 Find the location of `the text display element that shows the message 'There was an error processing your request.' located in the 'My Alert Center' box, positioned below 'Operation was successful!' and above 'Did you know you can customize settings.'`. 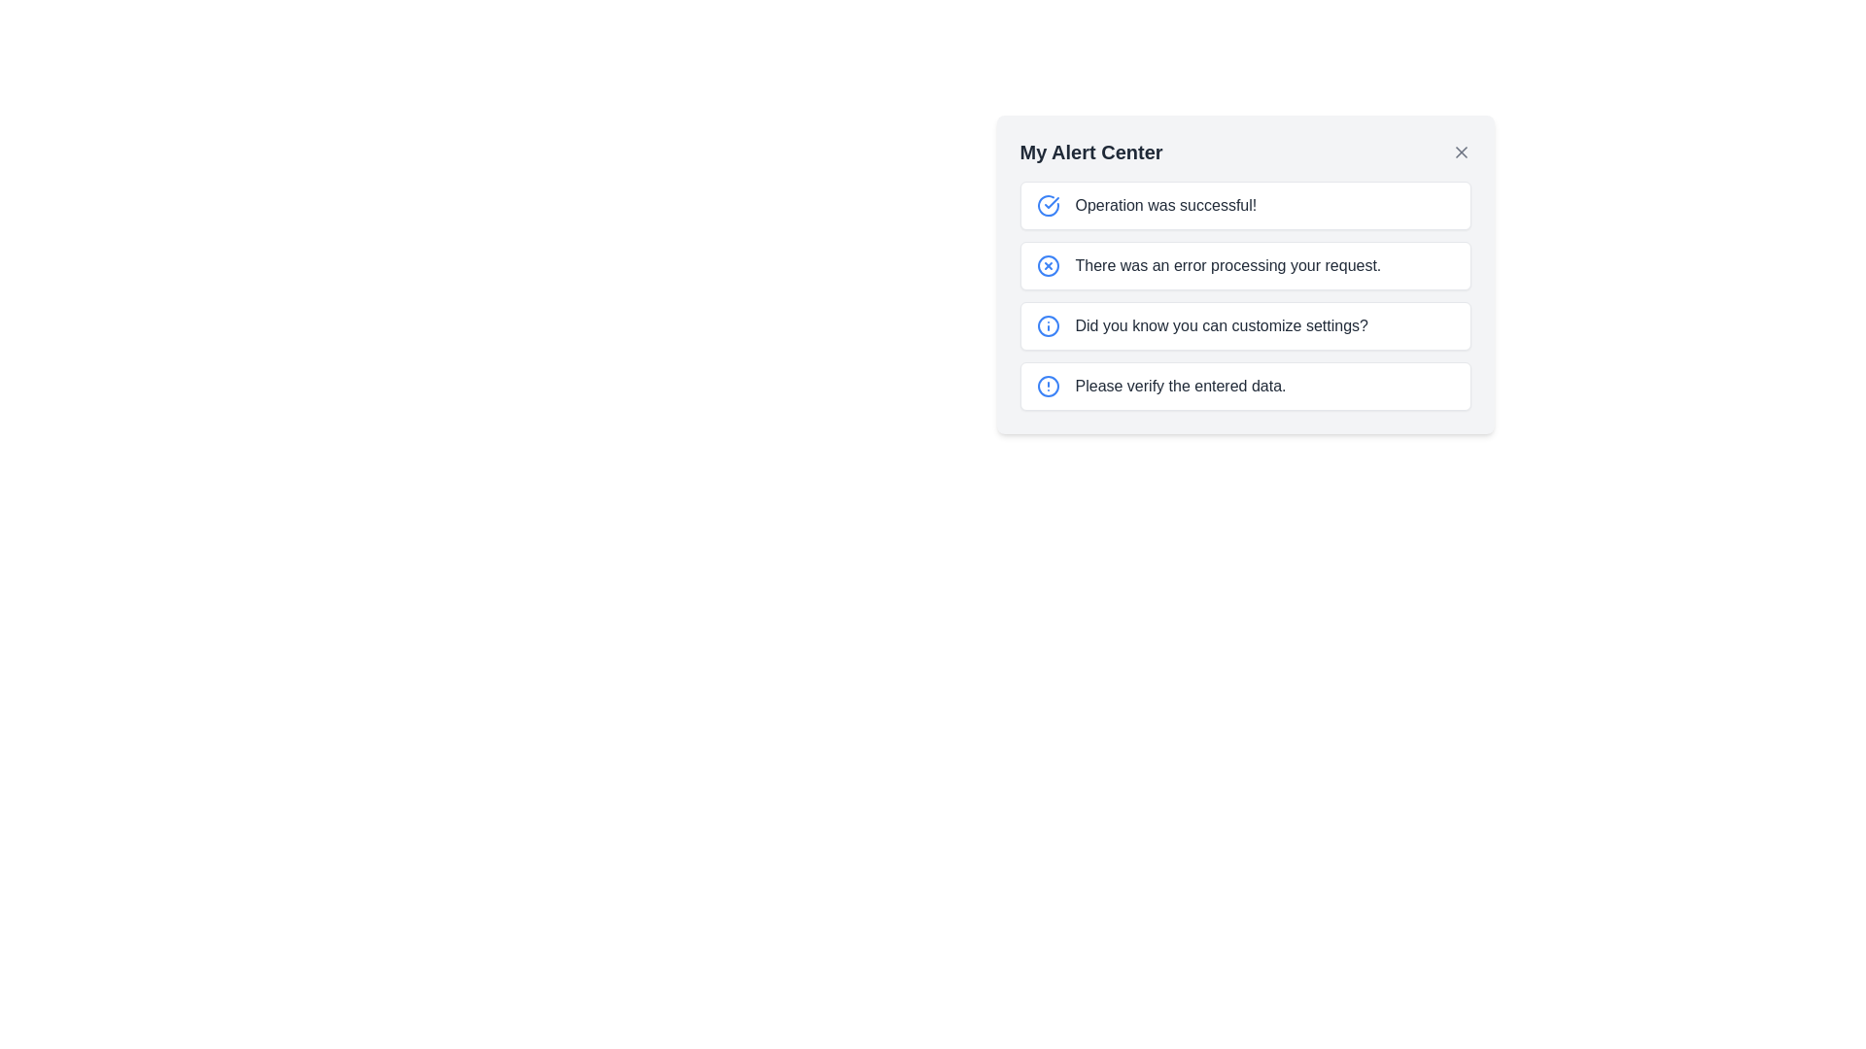

the text display element that shows the message 'There was an error processing your request.' located in the 'My Alert Center' box, positioned below 'Operation was successful!' and above 'Did you know you can customize settings.' is located at coordinates (1227, 265).